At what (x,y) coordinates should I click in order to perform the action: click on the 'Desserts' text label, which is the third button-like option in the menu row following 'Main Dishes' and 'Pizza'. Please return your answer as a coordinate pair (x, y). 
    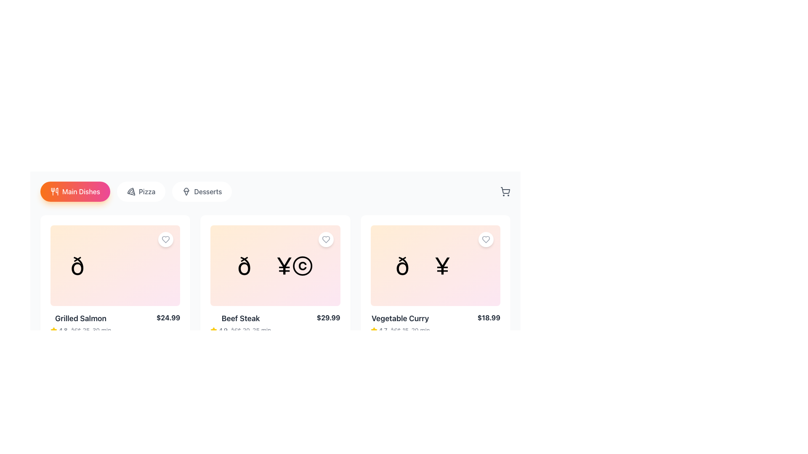
    Looking at the image, I should click on (208, 191).